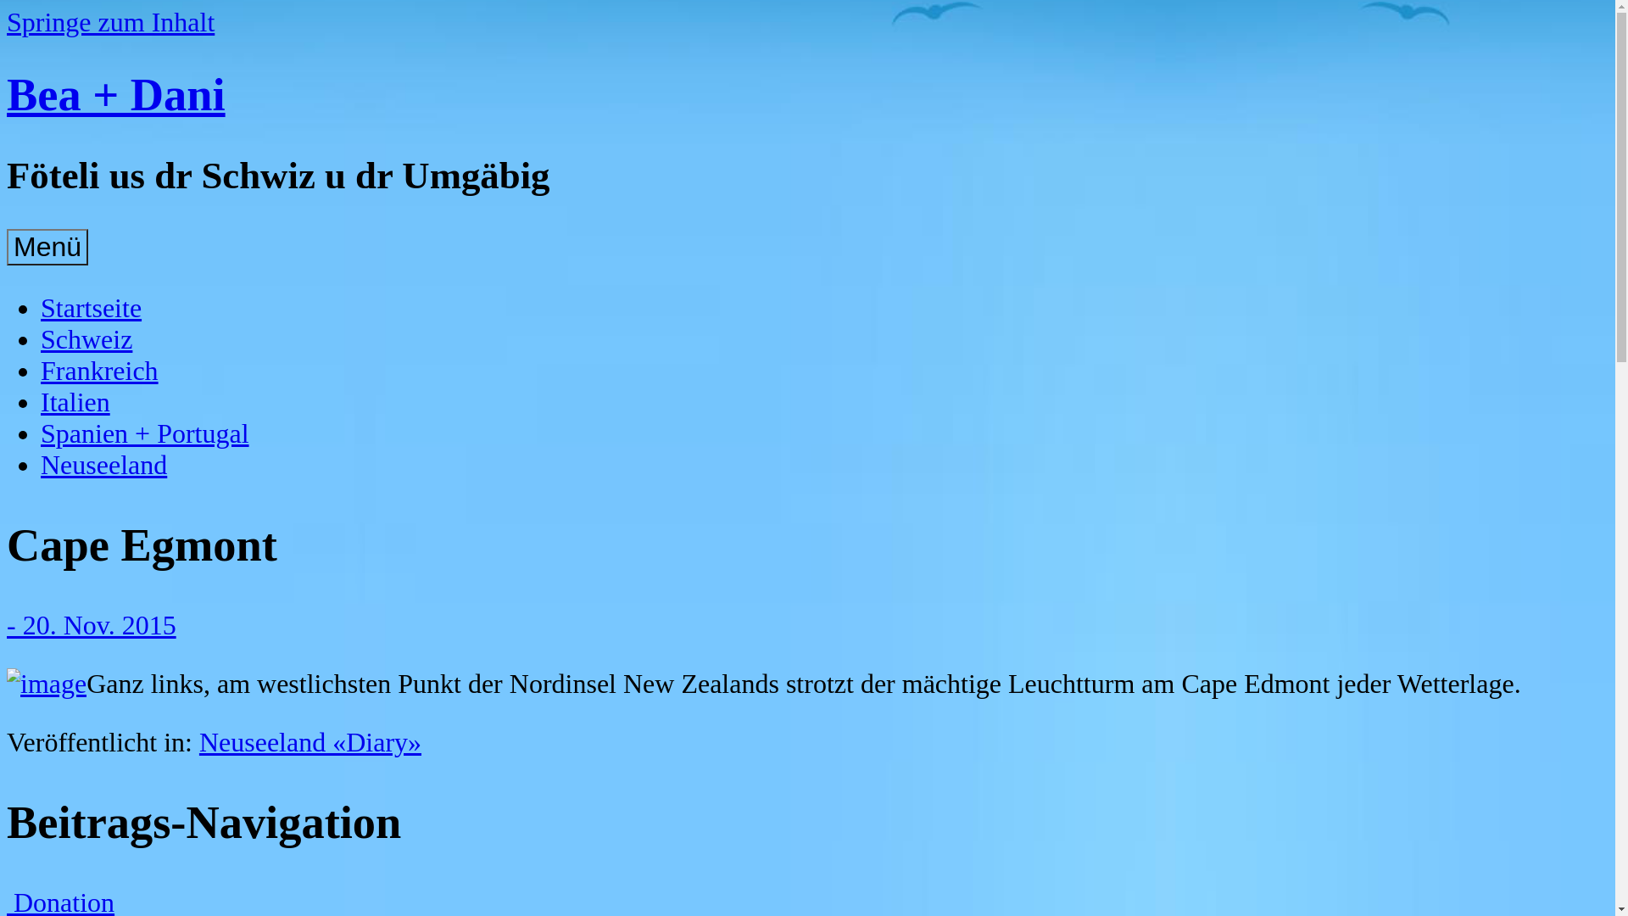 This screenshot has width=1628, height=916. What do you see at coordinates (145, 432) in the screenshot?
I see `'Spanien + Portugal'` at bounding box center [145, 432].